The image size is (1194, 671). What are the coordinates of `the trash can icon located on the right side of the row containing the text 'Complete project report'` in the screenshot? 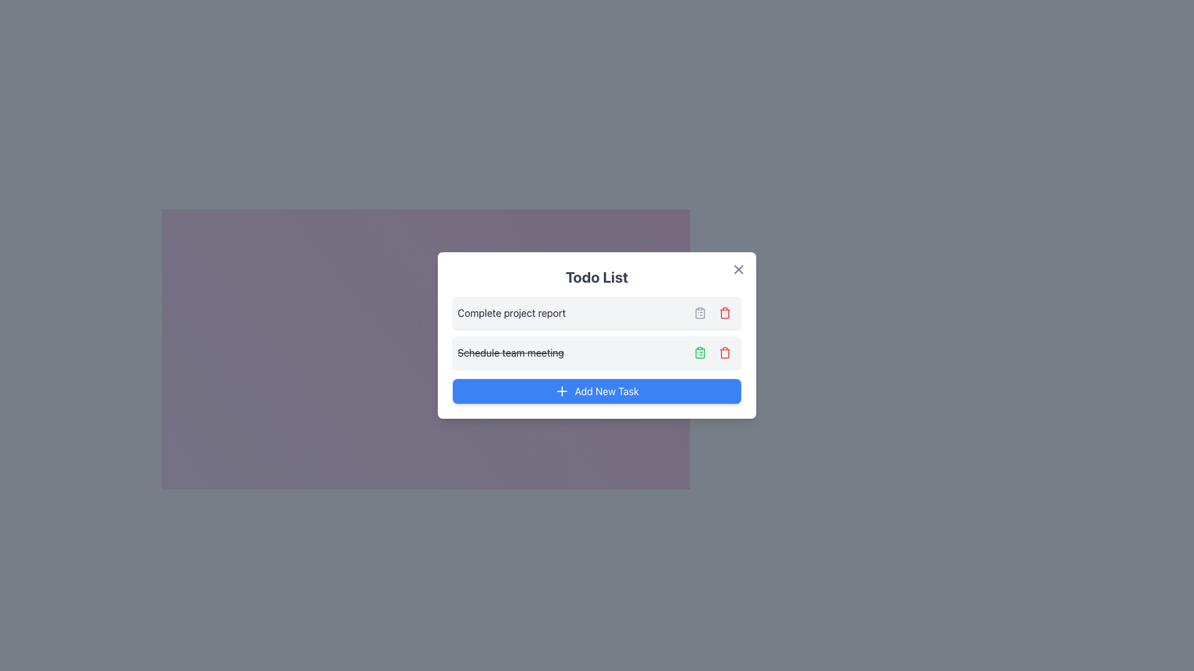 It's located at (713, 313).